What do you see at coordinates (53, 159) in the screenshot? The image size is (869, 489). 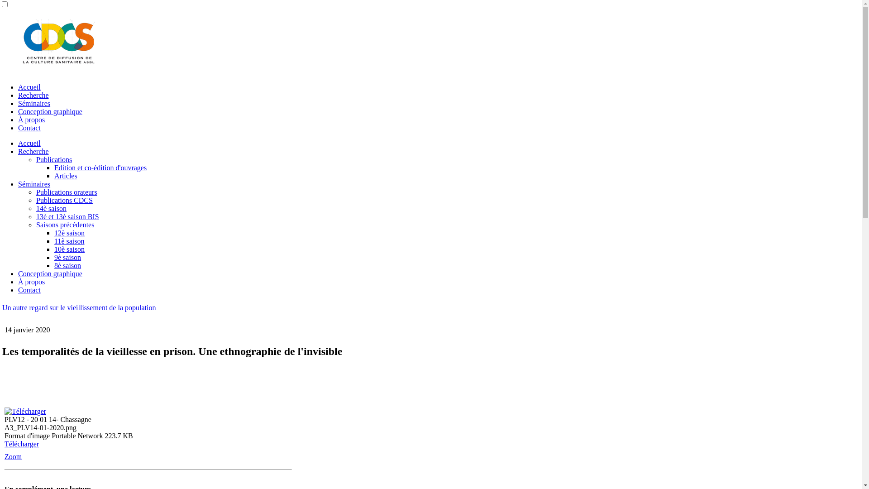 I see `'Publications'` at bounding box center [53, 159].